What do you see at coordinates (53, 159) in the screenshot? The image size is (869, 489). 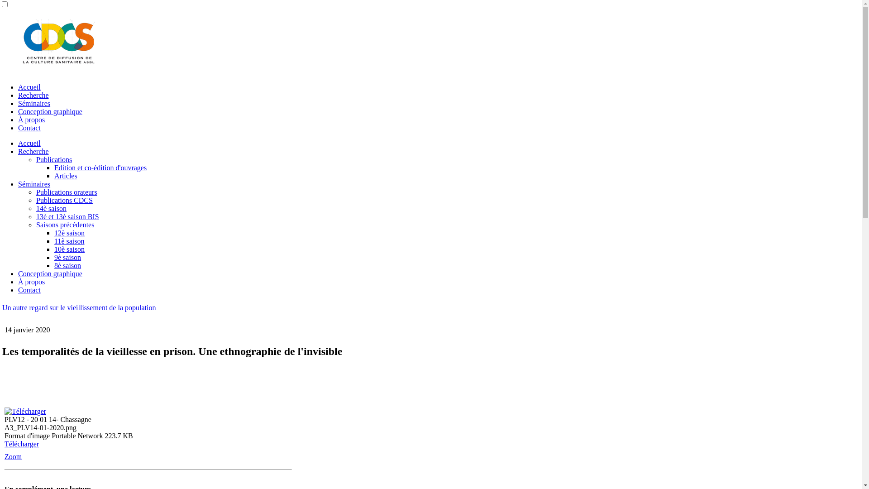 I see `'Publications'` at bounding box center [53, 159].